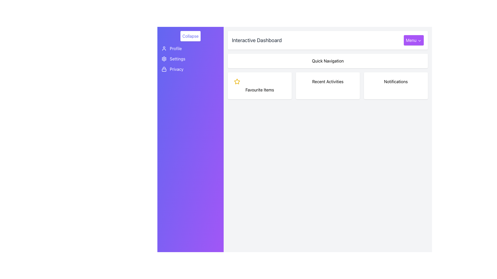  I want to click on the first navigation link in the left sidebar menu, so click(190, 49).